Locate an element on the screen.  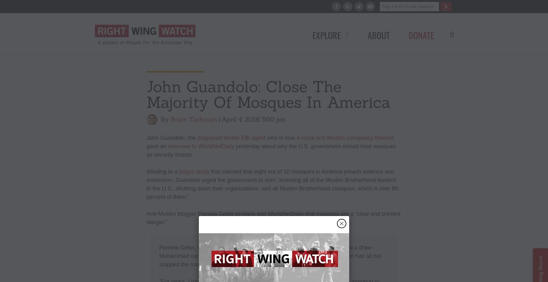
'By' is located at coordinates (165, 119).